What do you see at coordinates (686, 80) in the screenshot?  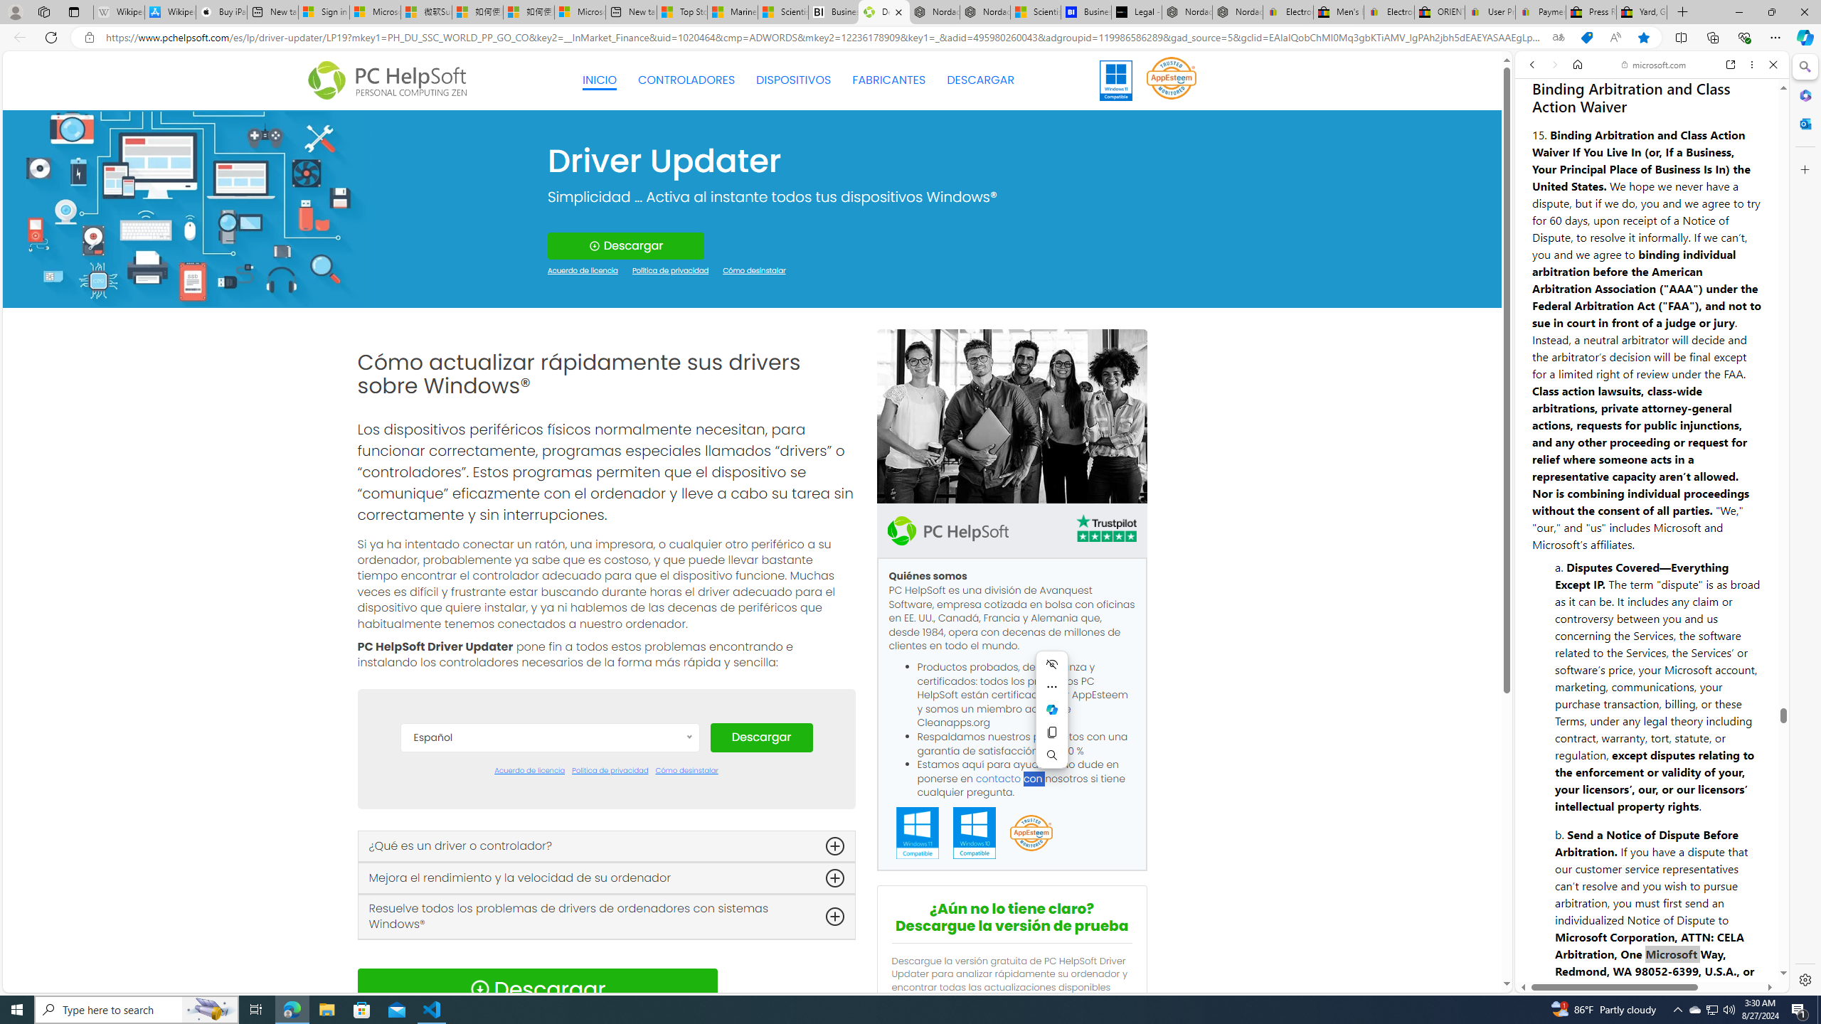 I see `'CONTROLADORES'` at bounding box center [686, 80].